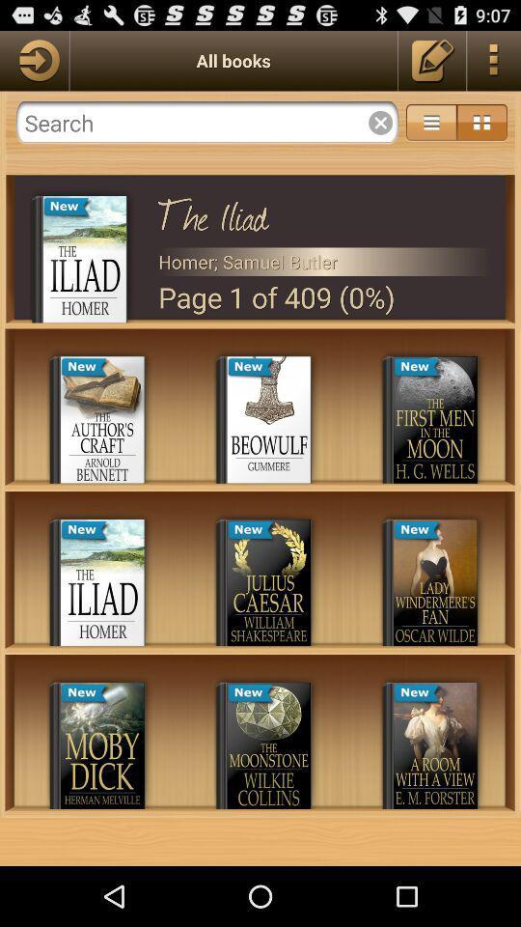 This screenshot has height=927, width=521. What do you see at coordinates (431, 122) in the screenshot?
I see `drop down menu` at bounding box center [431, 122].